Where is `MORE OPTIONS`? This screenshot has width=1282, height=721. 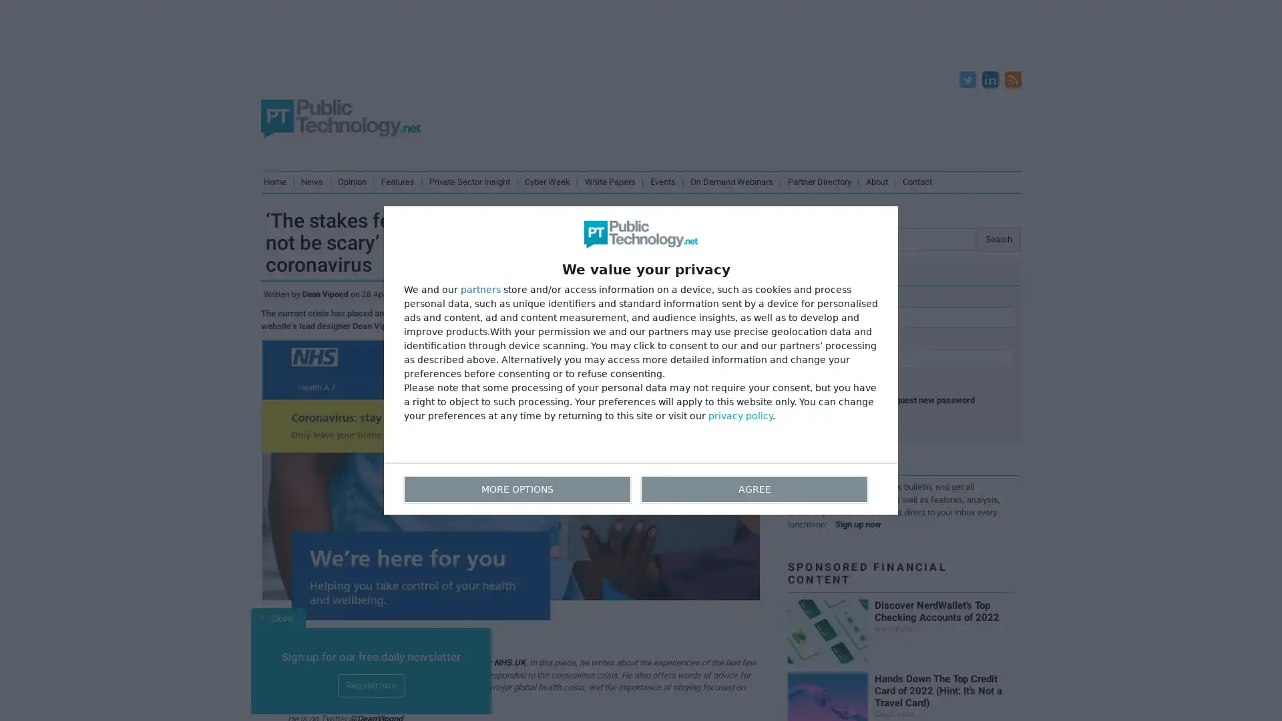
MORE OPTIONS is located at coordinates (516, 489).